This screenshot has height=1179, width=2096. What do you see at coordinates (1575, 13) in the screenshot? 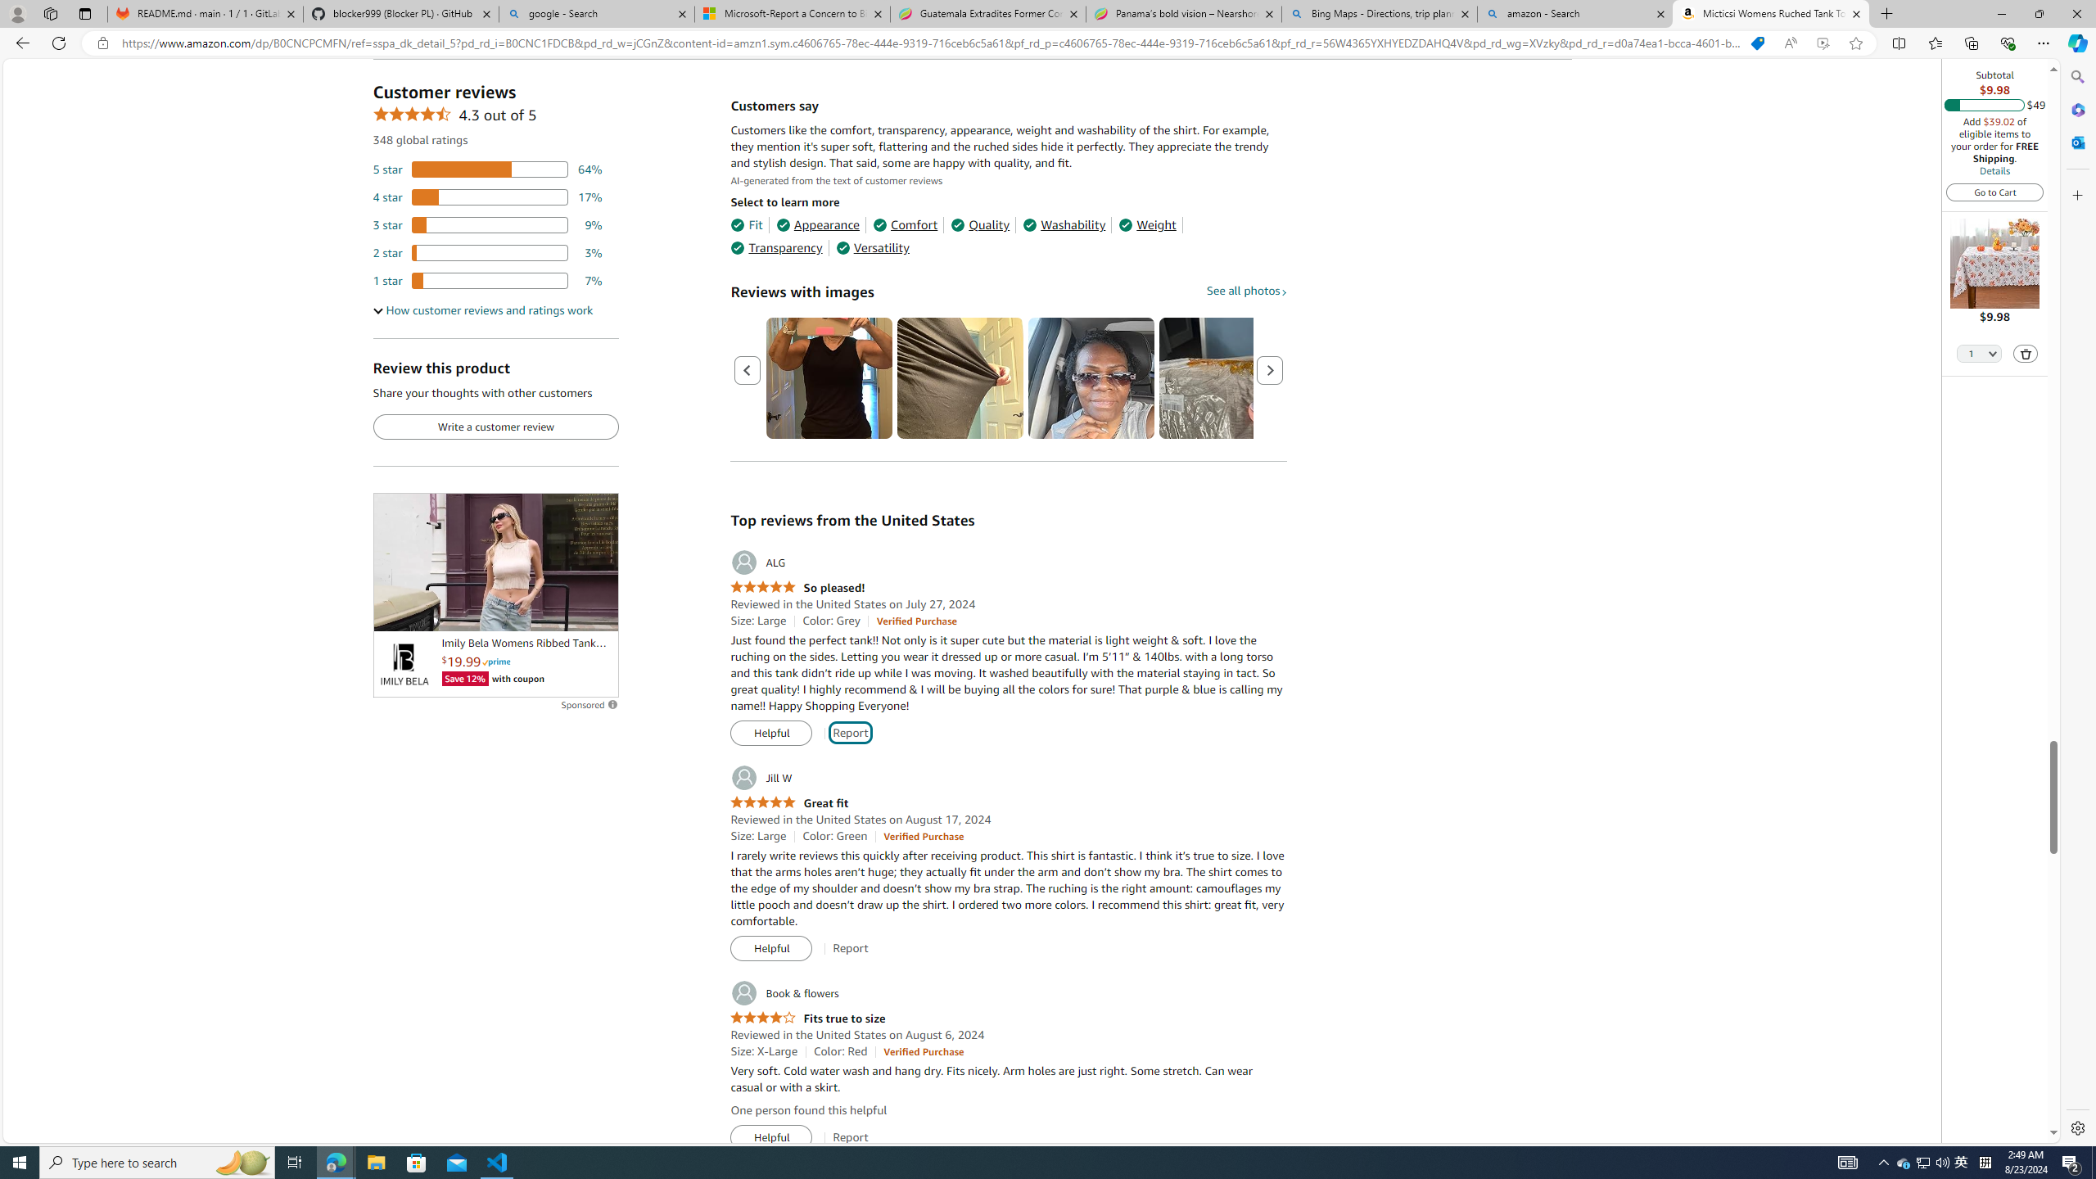
I see `'amazon - Search'` at bounding box center [1575, 13].